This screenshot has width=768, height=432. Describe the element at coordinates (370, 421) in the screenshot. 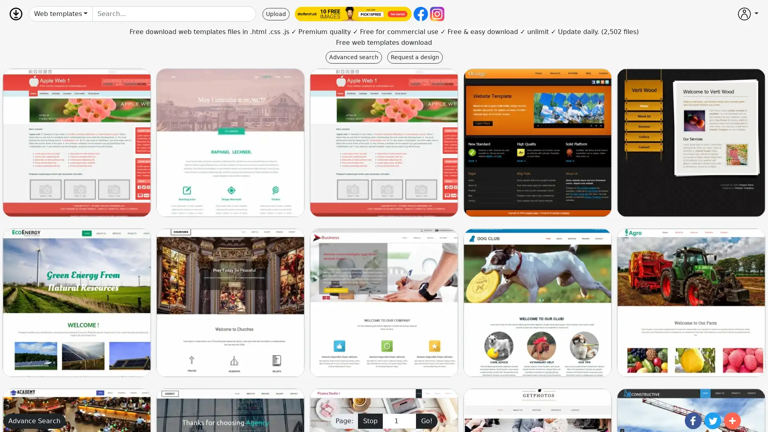

I see `Stop` at that location.